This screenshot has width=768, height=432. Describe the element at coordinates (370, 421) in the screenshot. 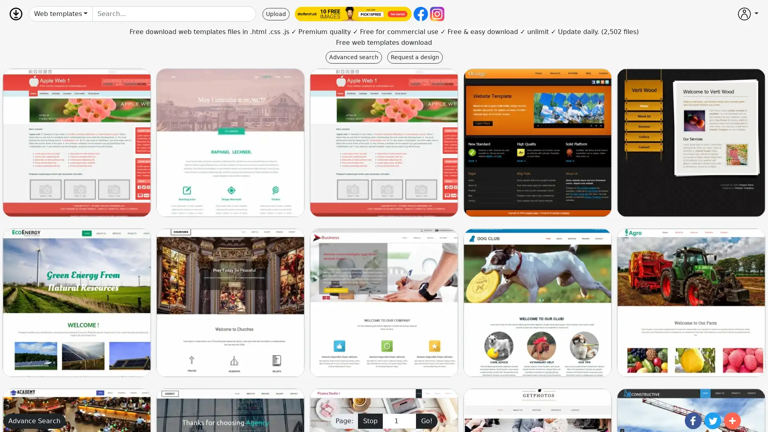

I see `Stop` at that location.